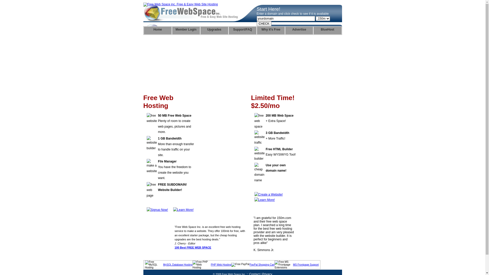  What do you see at coordinates (262, 264) in the screenshot?
I see `'PayPal Shopping Cart'` at bounding box center [262, 264].